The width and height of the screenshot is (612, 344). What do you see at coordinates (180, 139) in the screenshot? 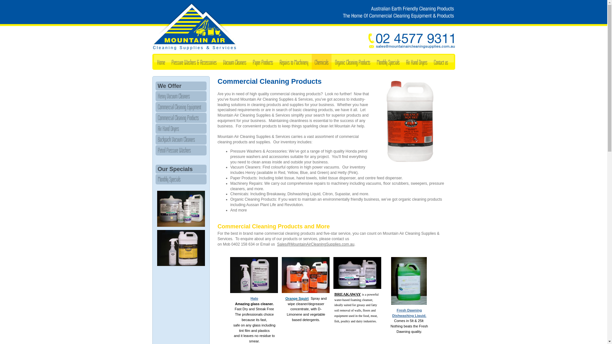
I see `'Backpack Vacuum Cleaners'` at bounding box center [180, 139].